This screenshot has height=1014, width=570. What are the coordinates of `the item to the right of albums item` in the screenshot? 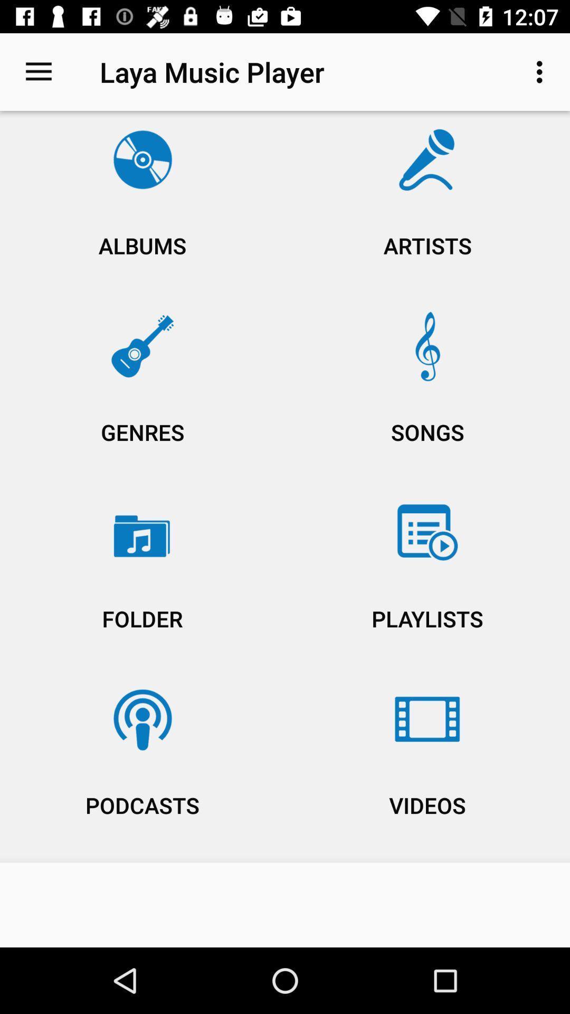 It's located at (427, 393).